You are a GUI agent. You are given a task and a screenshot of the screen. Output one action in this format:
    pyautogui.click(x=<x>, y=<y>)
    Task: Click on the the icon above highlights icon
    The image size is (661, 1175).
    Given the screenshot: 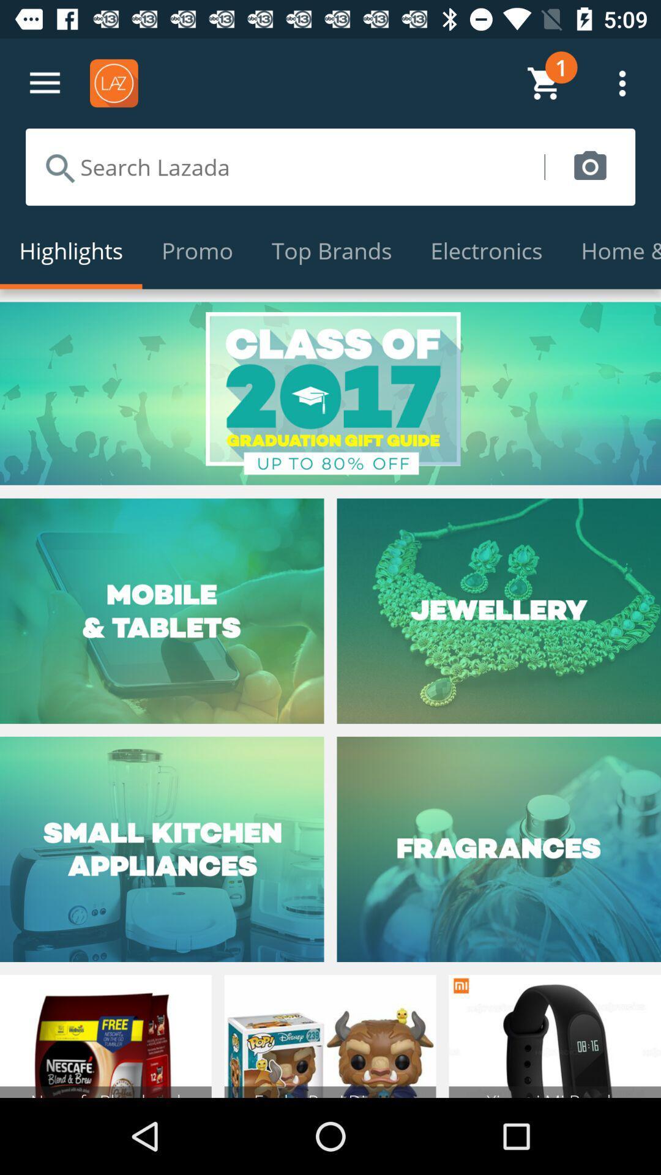 What is the action you would take?
    pyautogui.click(x=285, y=166)
    